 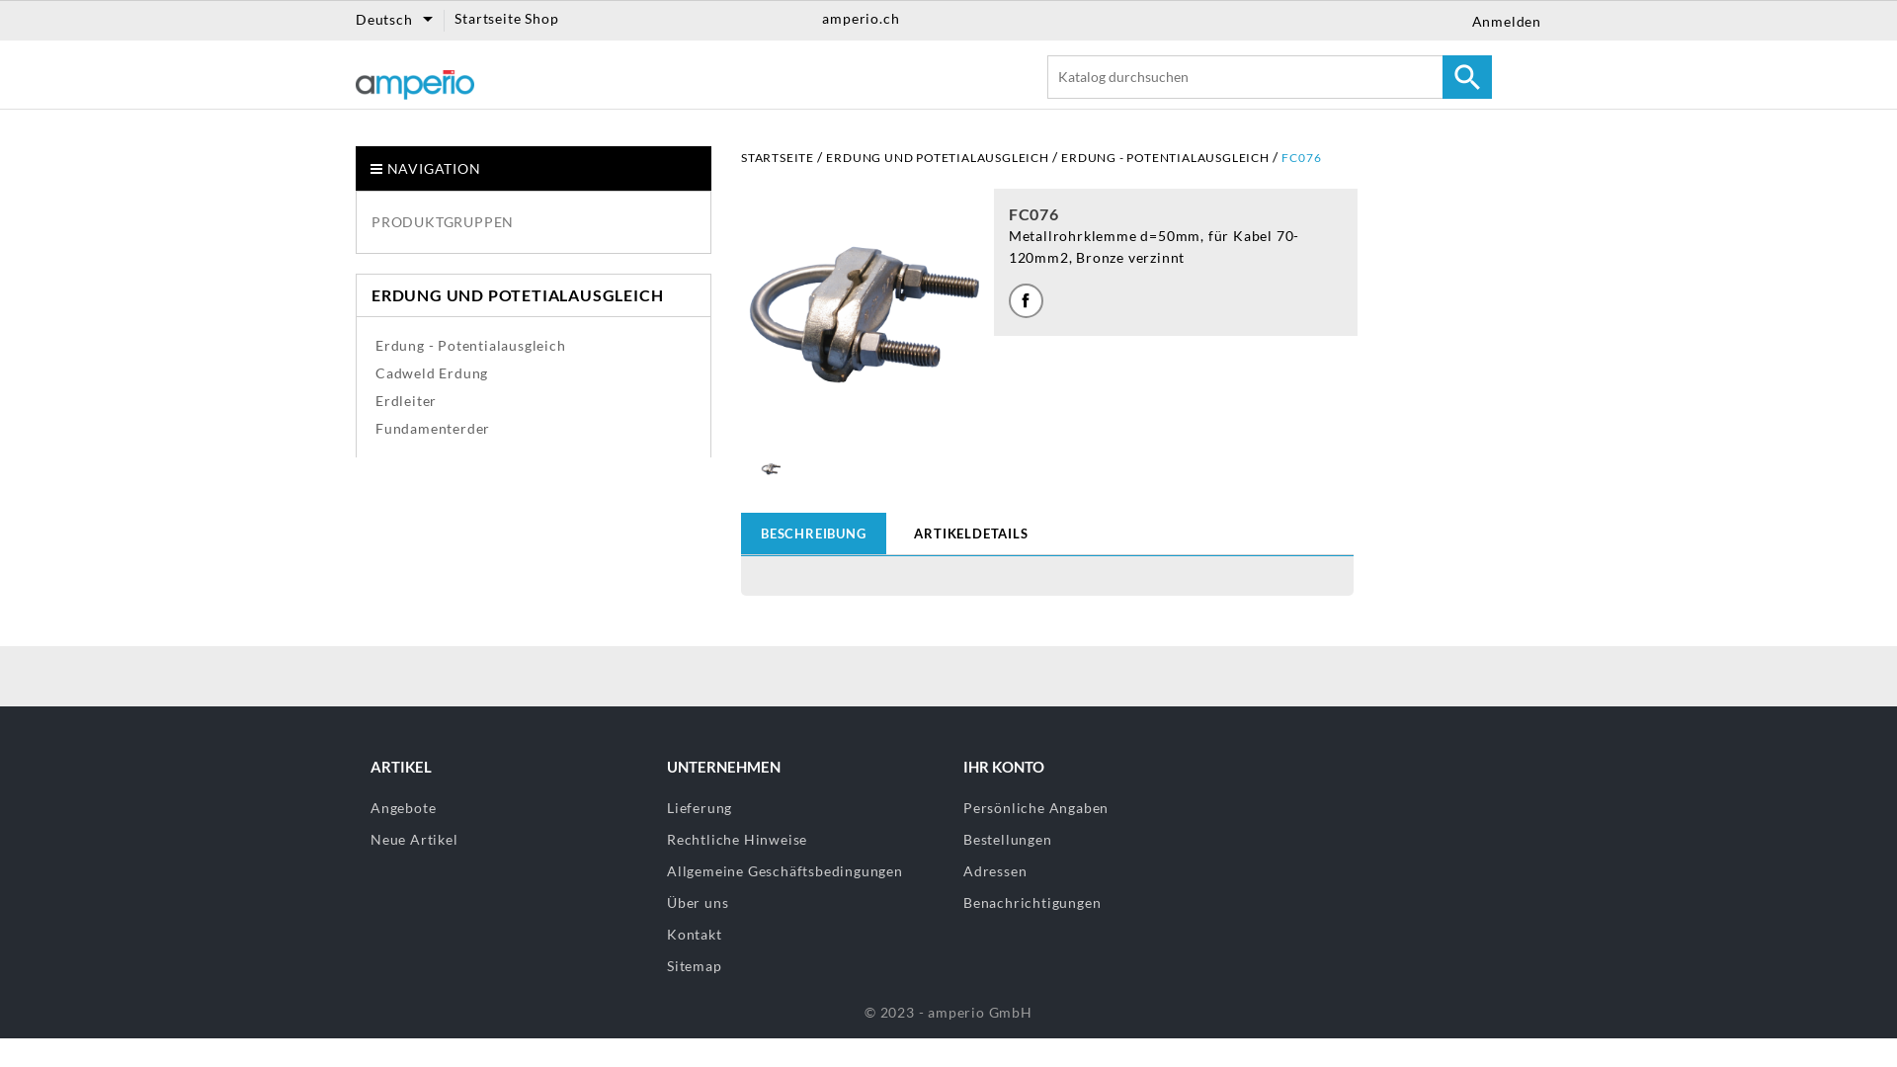 What do you see at coordinates (1280, 156) in the screenshot?
I see `'FC076'` at bounding box center [1280, 156].